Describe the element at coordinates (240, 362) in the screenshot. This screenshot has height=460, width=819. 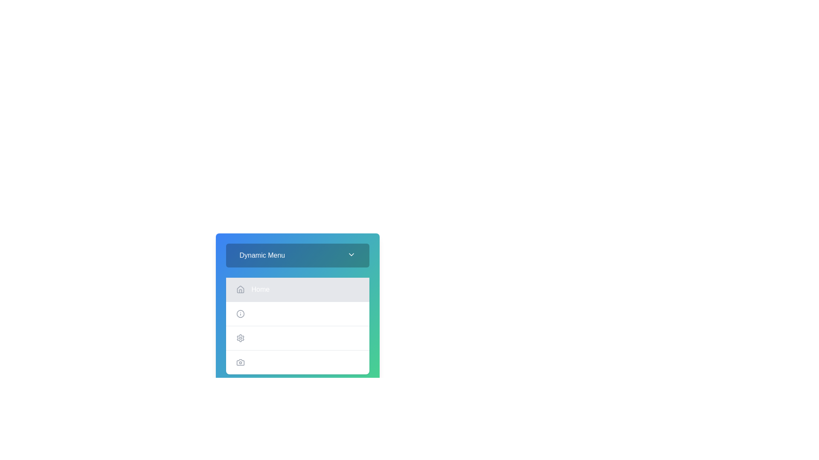
I see `the gallery access icon located at the left-most position of the 'Gallery' entry` at that location.